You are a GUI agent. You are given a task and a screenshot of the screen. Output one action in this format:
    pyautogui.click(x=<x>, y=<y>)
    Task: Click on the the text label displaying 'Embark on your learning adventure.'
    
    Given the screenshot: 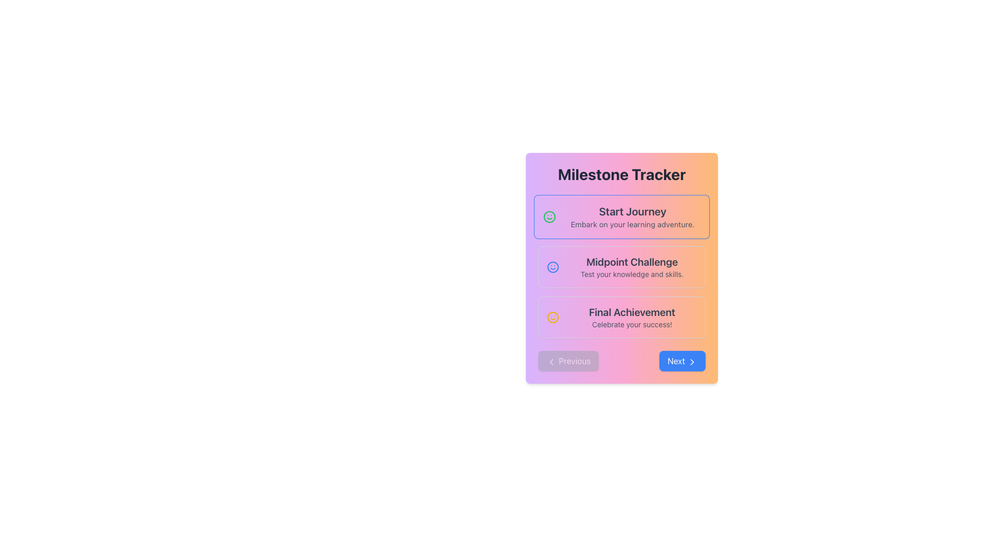 What is the action you would take?
    pyautogui.click(x=632, y=223)
    